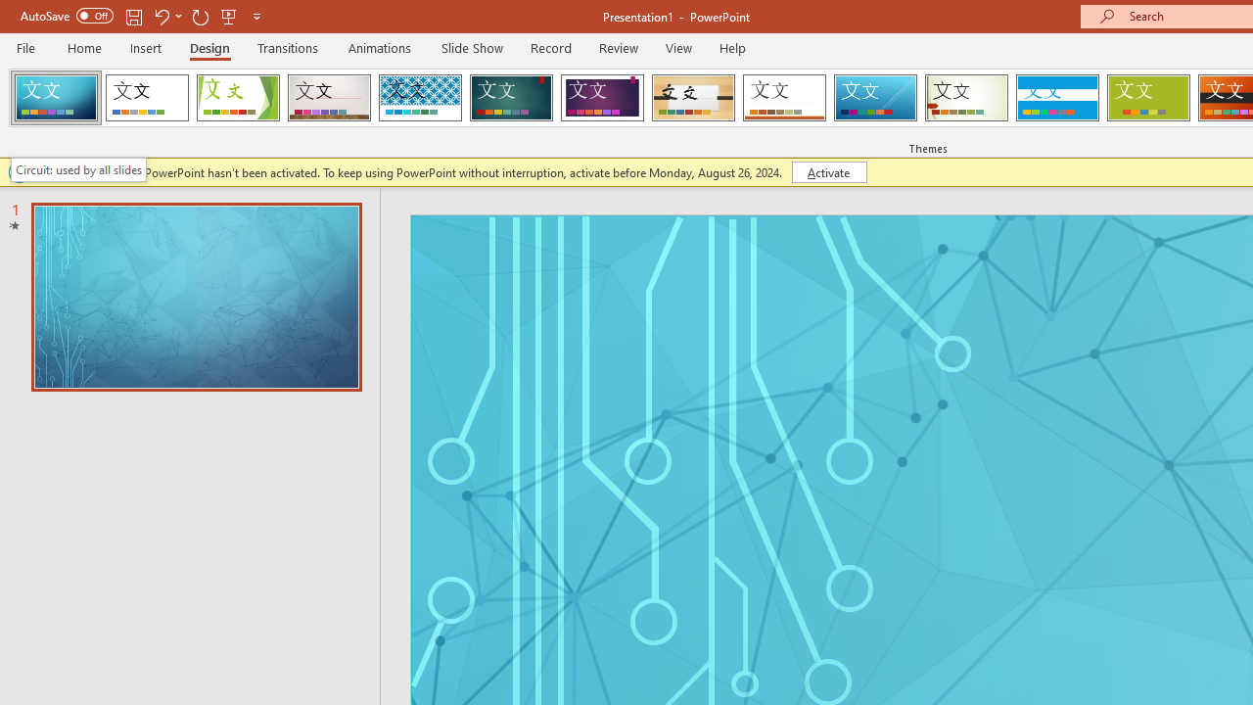 The height and width of the screenshot is (705, 1253). I want to click on 'Facet', so click(237, 98).